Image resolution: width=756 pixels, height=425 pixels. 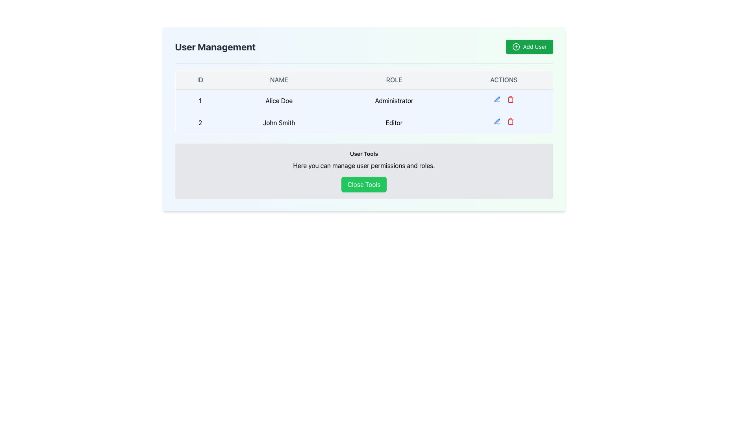 What do you see at coordinates (363, 171) in the screenshot?
I see `information presented in the 'User Tools' informational panel which includes the title and description about managing user permissions and roles` at bounding box center [363, 171].